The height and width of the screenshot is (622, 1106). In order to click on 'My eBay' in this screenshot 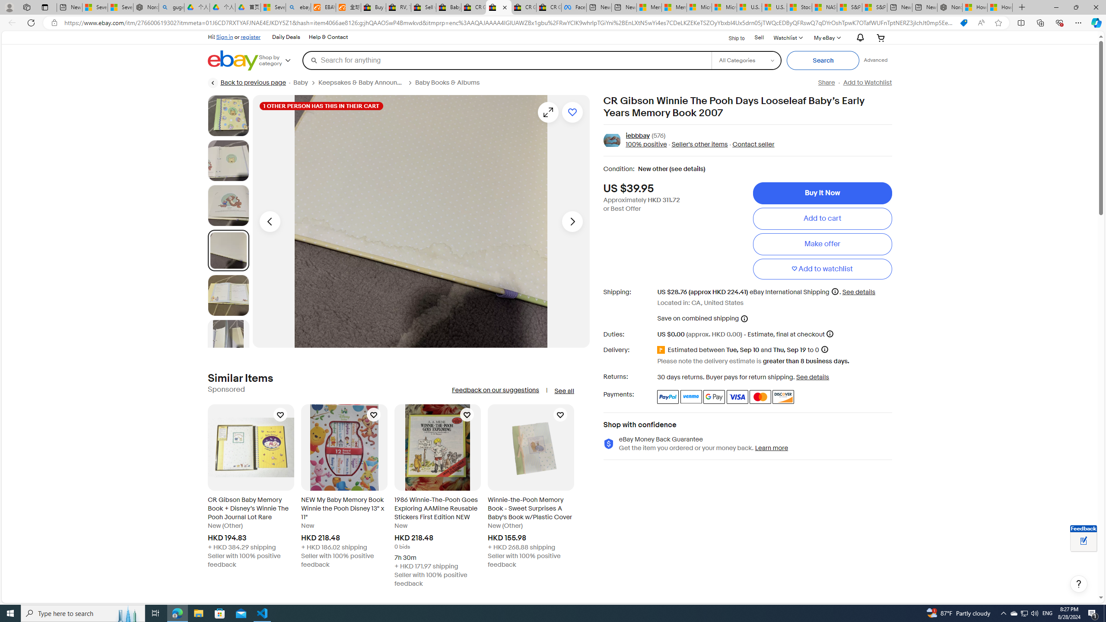, I will do `click(826, 38)`.